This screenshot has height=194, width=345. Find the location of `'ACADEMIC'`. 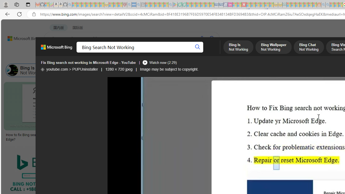

'ACADEMIC' is located at coordinates (171, 53).